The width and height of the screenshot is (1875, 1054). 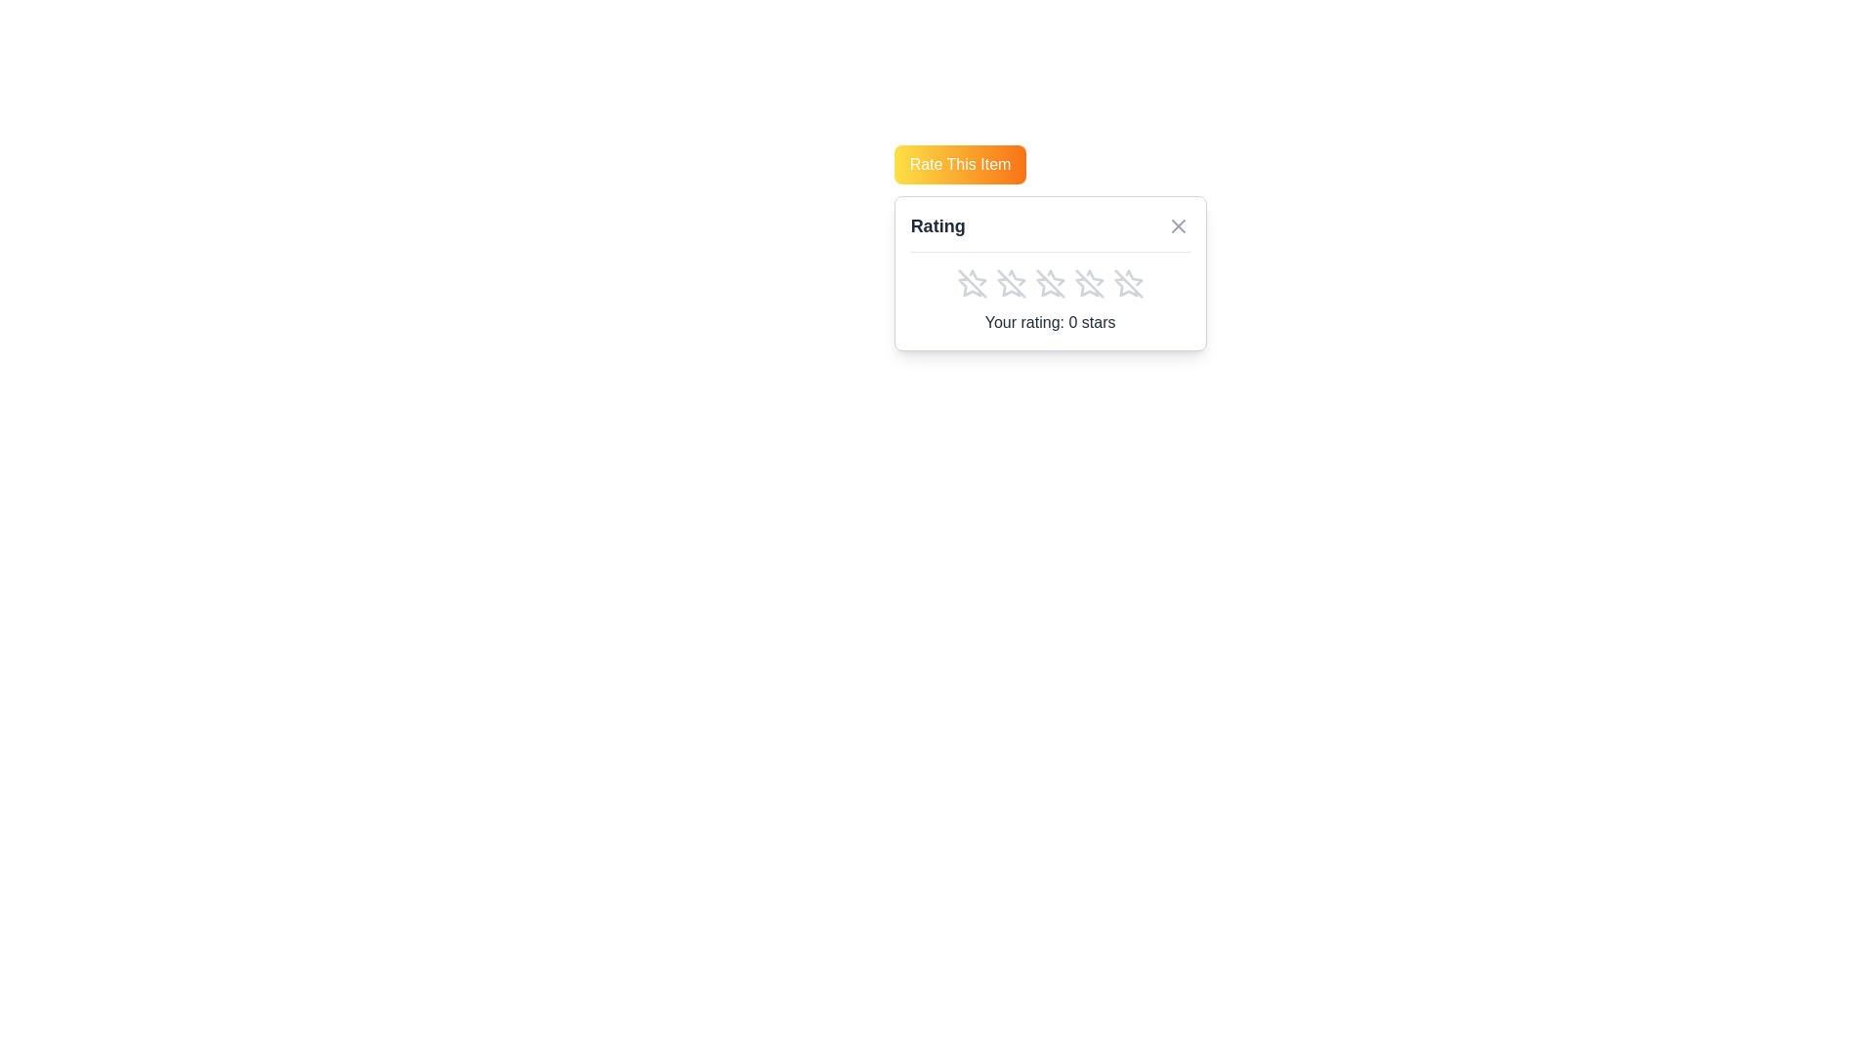 What do you see at coordinates (1095, 277) in the screenshot?
I see `the fourth star icon in the rating component` at bounding box center [1095, 277].